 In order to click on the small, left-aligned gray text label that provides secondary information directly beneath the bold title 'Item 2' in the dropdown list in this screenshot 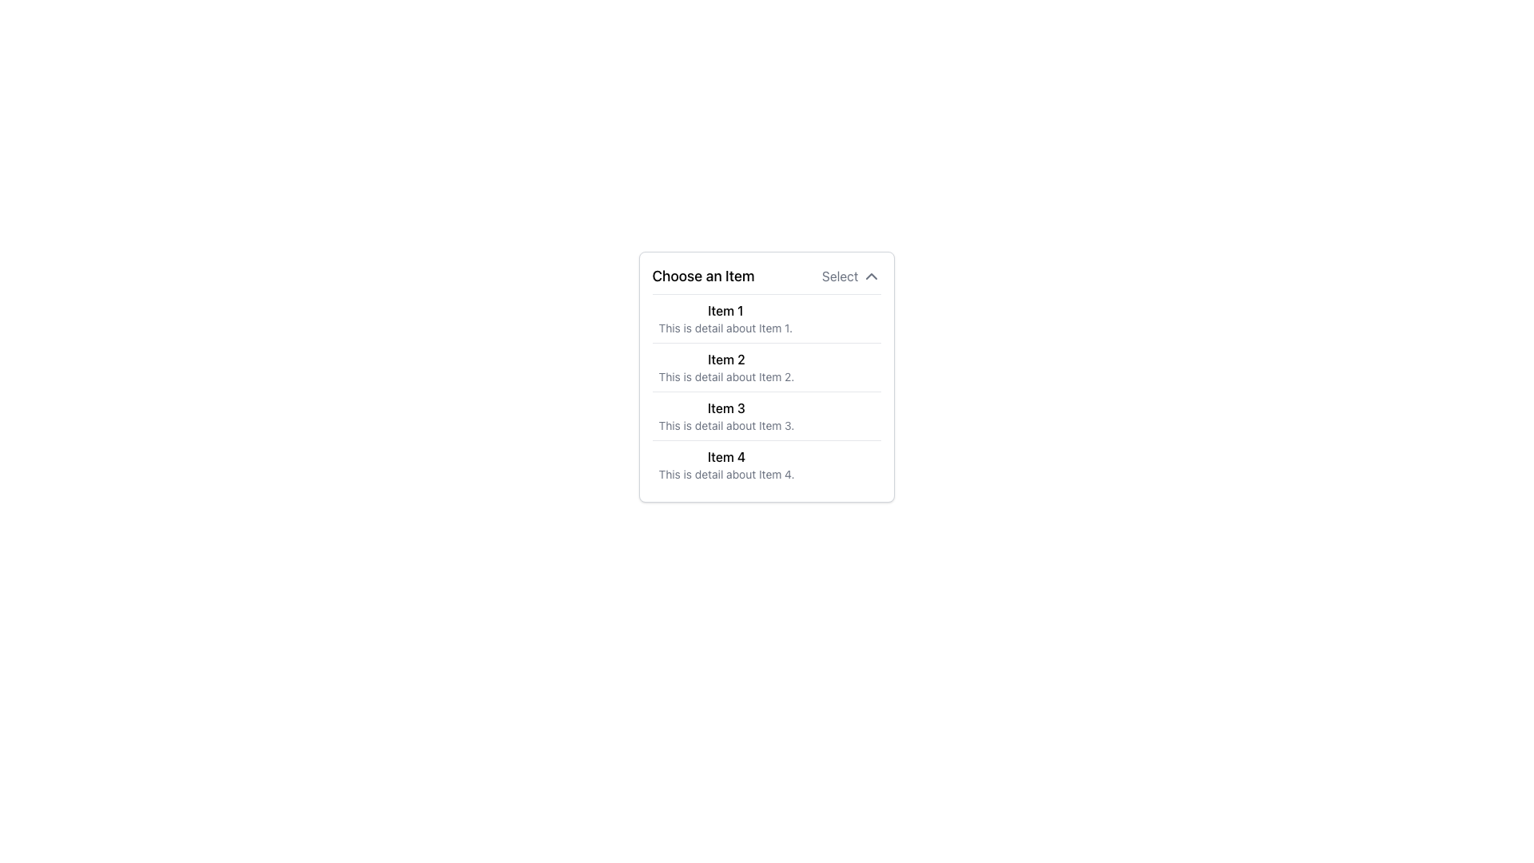, I will do `click(725, 376)`.